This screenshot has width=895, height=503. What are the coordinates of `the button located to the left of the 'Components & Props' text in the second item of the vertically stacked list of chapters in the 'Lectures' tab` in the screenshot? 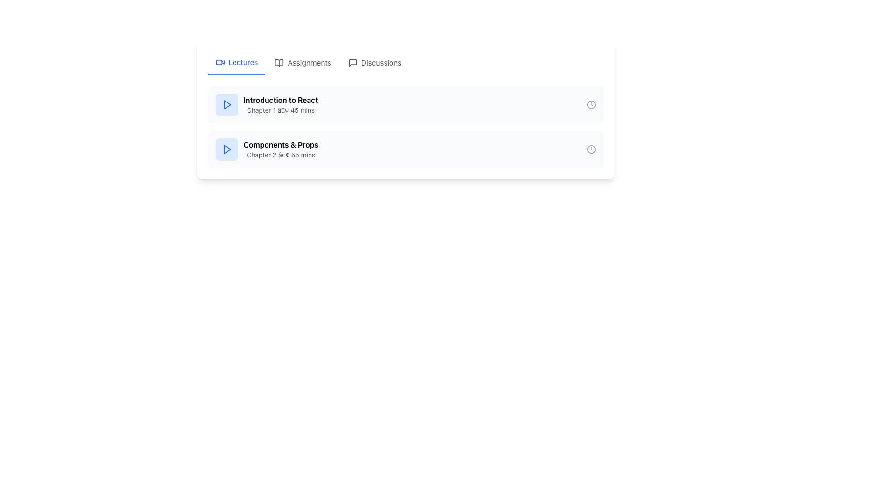 It's located at (227, 149).